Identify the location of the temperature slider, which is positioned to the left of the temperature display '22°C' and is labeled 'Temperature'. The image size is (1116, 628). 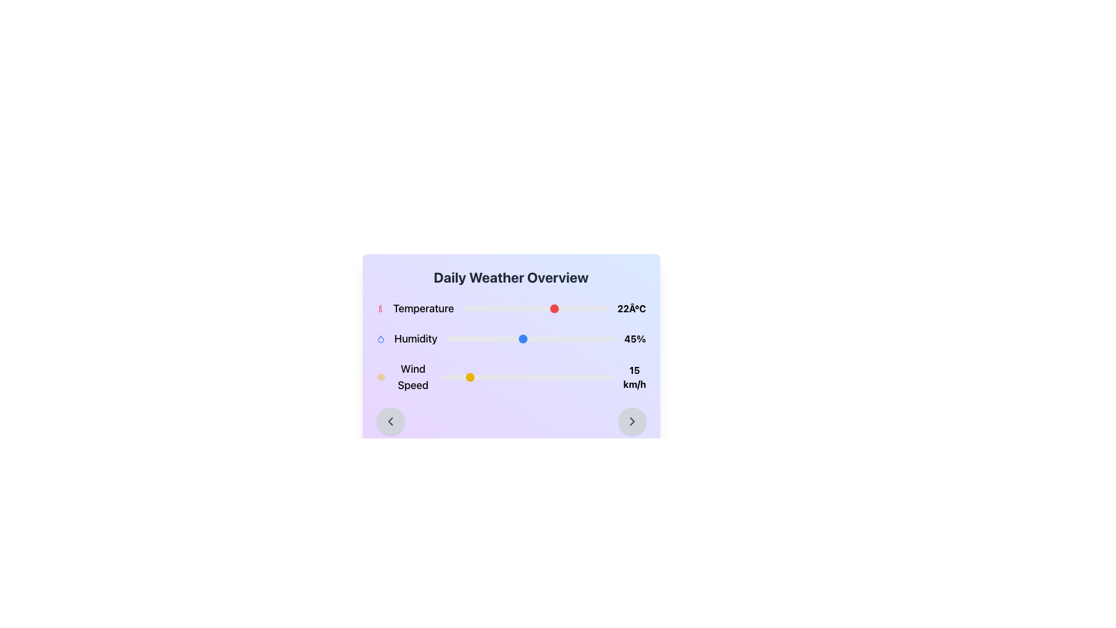
(535, 308).